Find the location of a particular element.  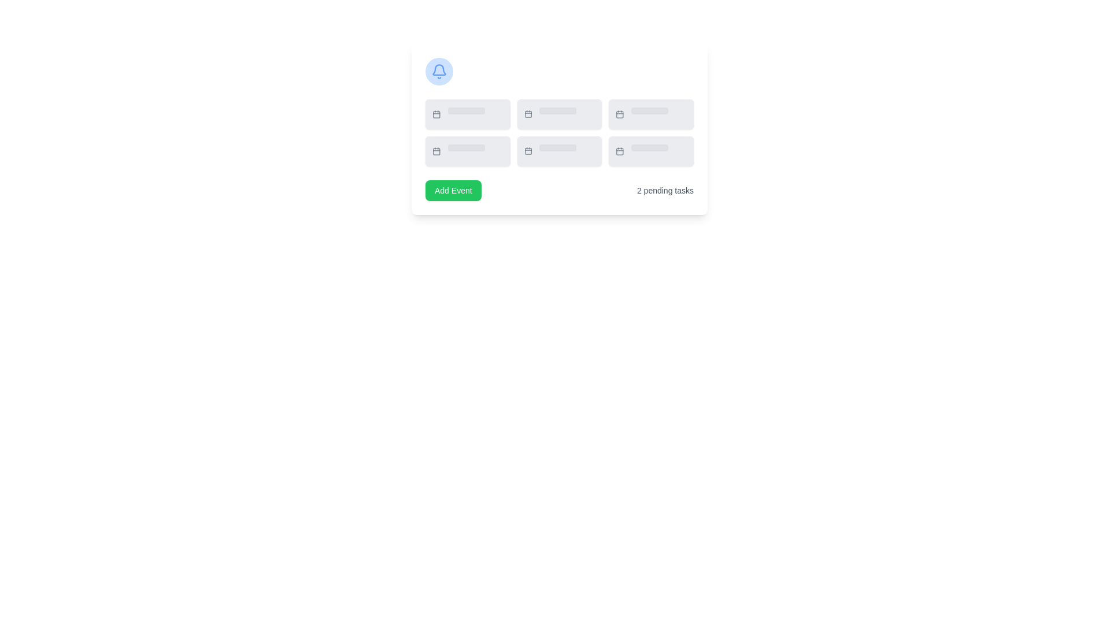

the Placeholding card component, which is positioned in the second row and first column of the grid layout is located at coordinates (468, 151).